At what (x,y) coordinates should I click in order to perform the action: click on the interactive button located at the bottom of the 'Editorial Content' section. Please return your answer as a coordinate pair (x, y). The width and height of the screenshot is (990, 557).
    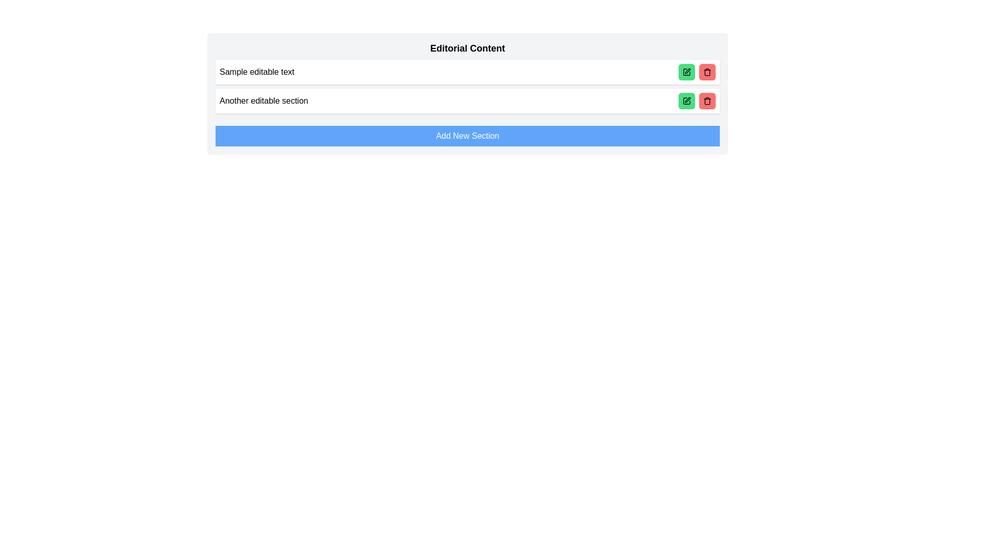
    Looking at the image, I should click on (467, 135).